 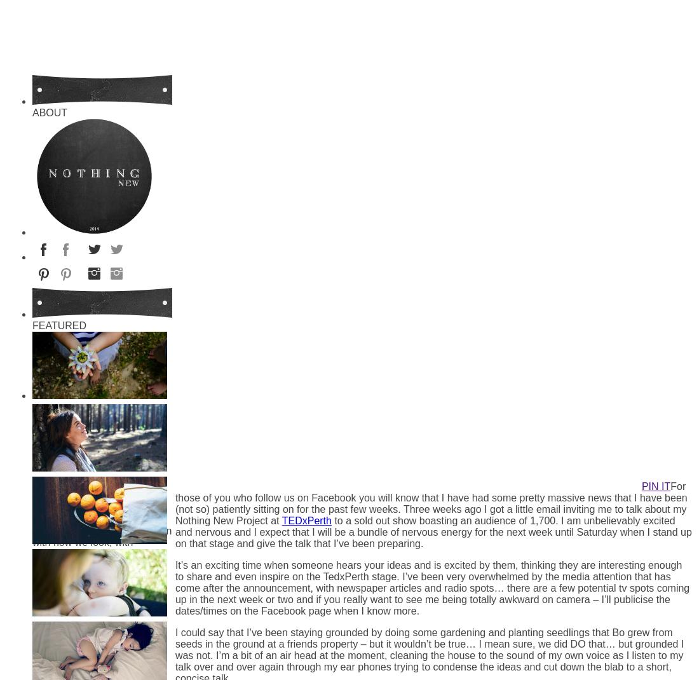 What do you see at coordinates (656, 486) in the screenshot?
I see `'PIN IT'` at bounding box center [656, 486].